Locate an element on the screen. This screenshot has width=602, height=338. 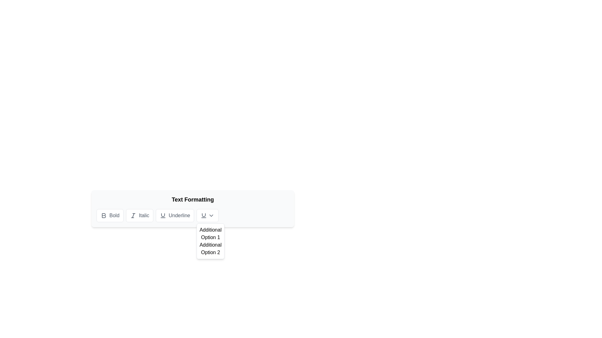
text label that says 'Underline' which is styled with a gray font against a white background, located near the center of the layout interface beside an underline icon is located at coordinates (179, 215).